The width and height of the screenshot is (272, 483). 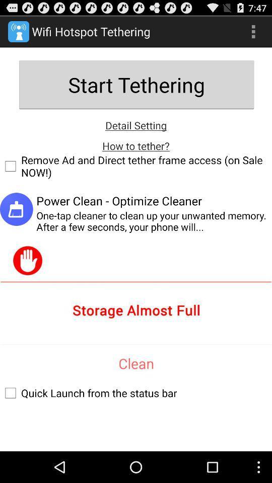 I want to click on open main menu, so click(x=253, y=31).